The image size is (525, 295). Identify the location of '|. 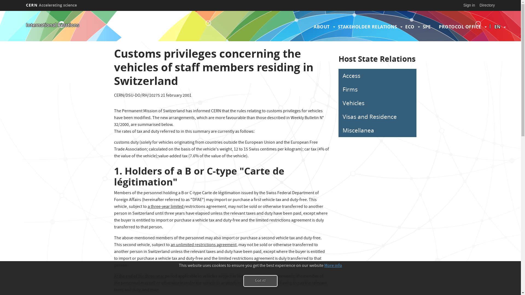
(497, 26).